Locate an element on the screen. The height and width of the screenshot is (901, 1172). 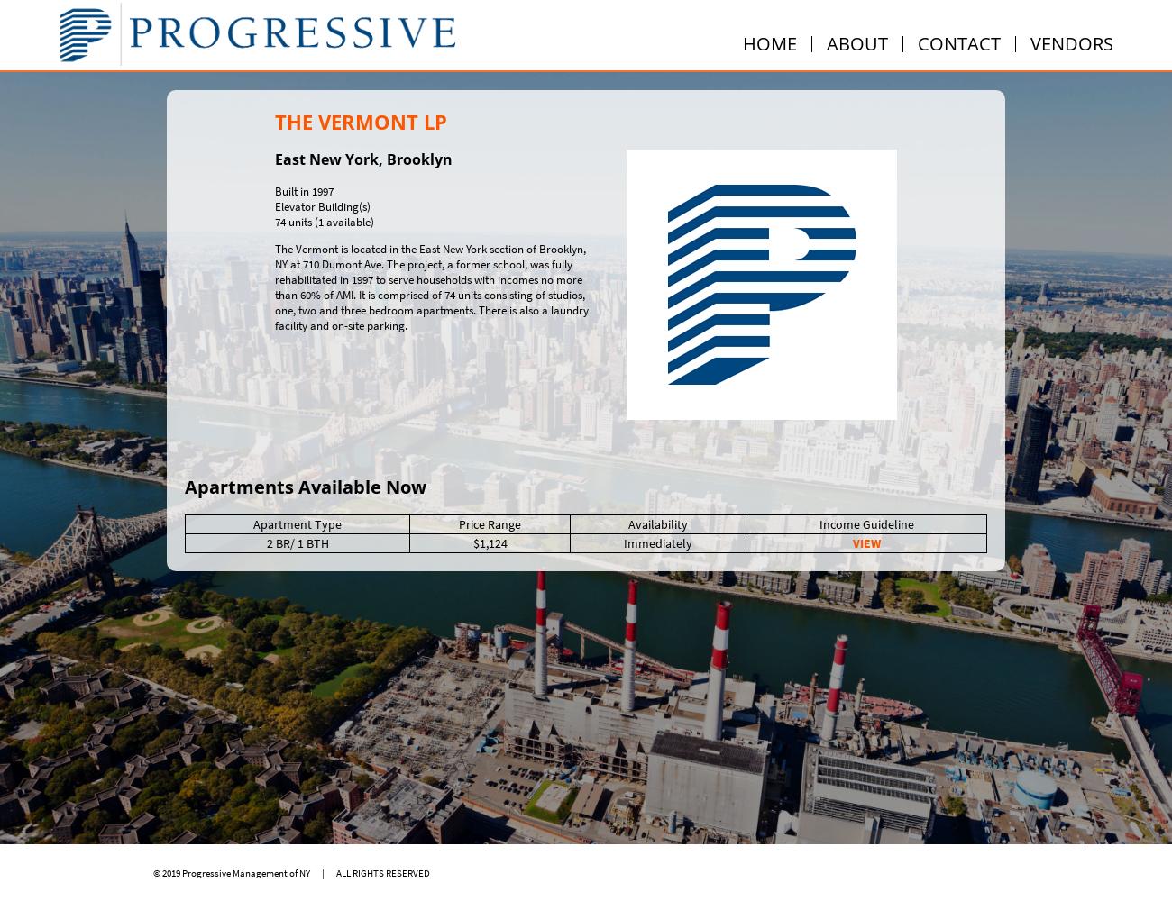
'Income Guideline' is located at coordinates (865, 523).